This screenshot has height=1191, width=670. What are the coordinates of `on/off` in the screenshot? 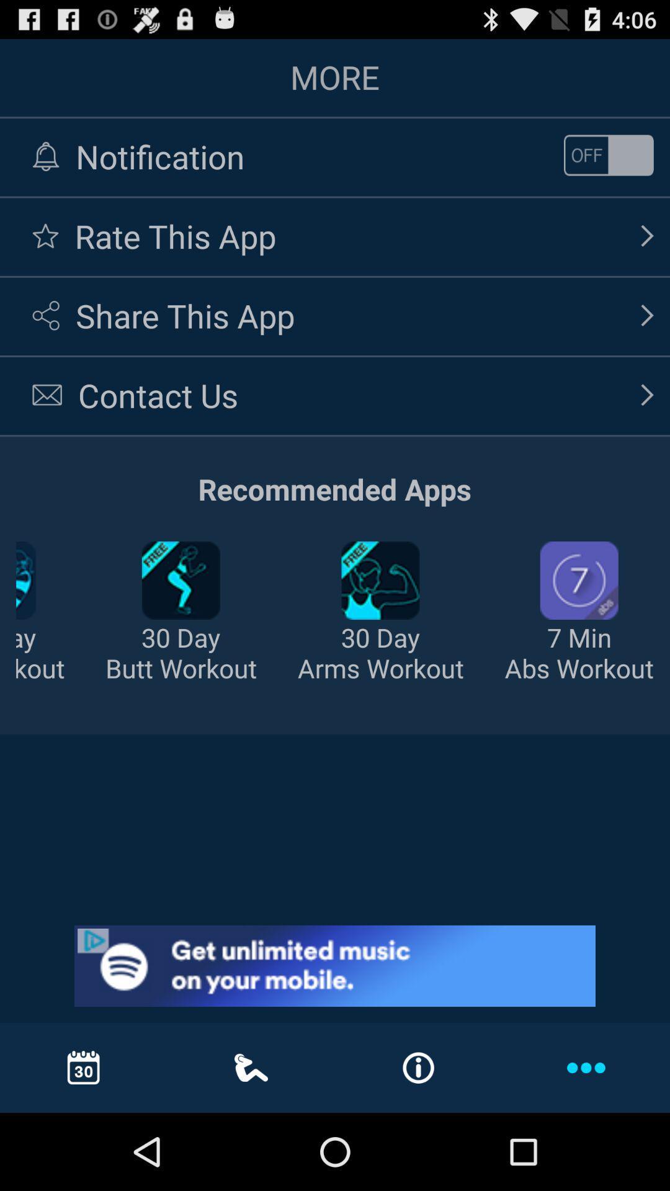 It's located at (608, 154).